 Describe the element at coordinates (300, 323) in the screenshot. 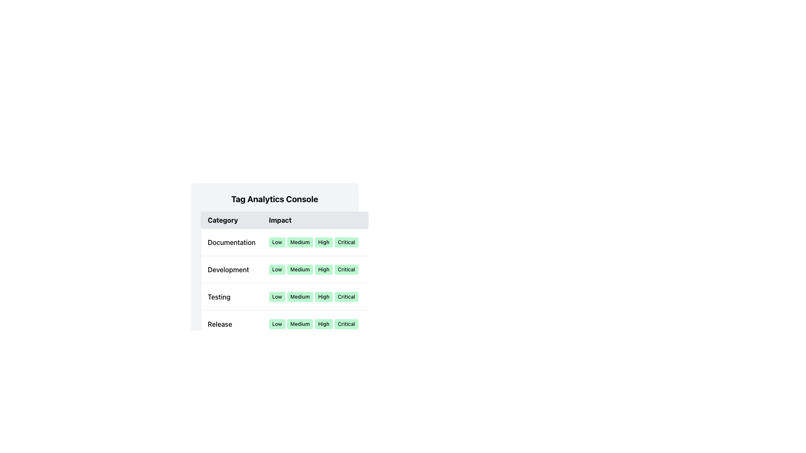

I see `the 'Medium' label or badge UI component with a green background that indicates a categorical impact level, positioned between the 'Low' and 'High' elements in the 'Impact' column` at that location.